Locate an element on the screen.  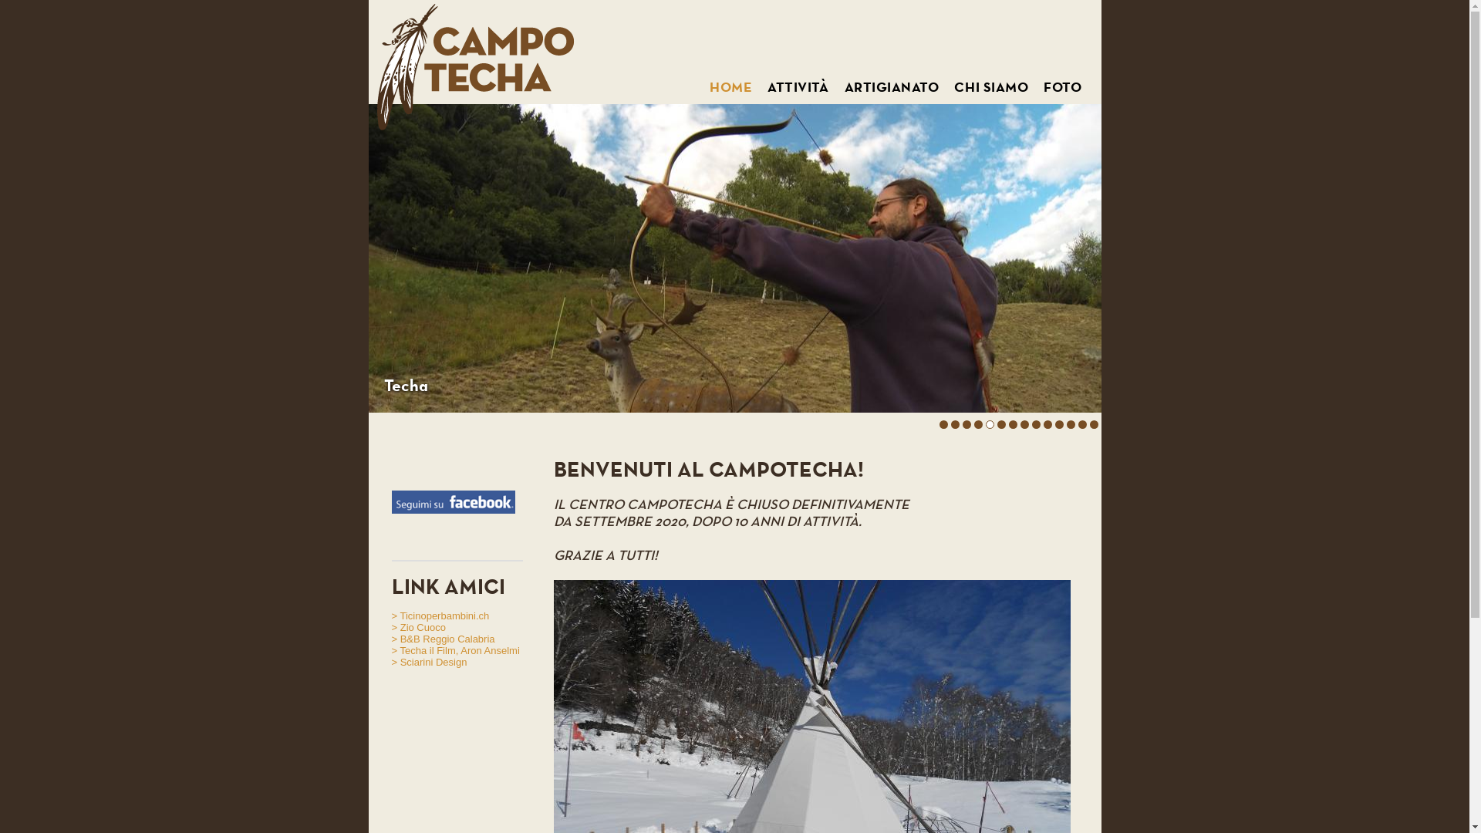
'ARTIGIANATO' is located at coordinates (891, 88).